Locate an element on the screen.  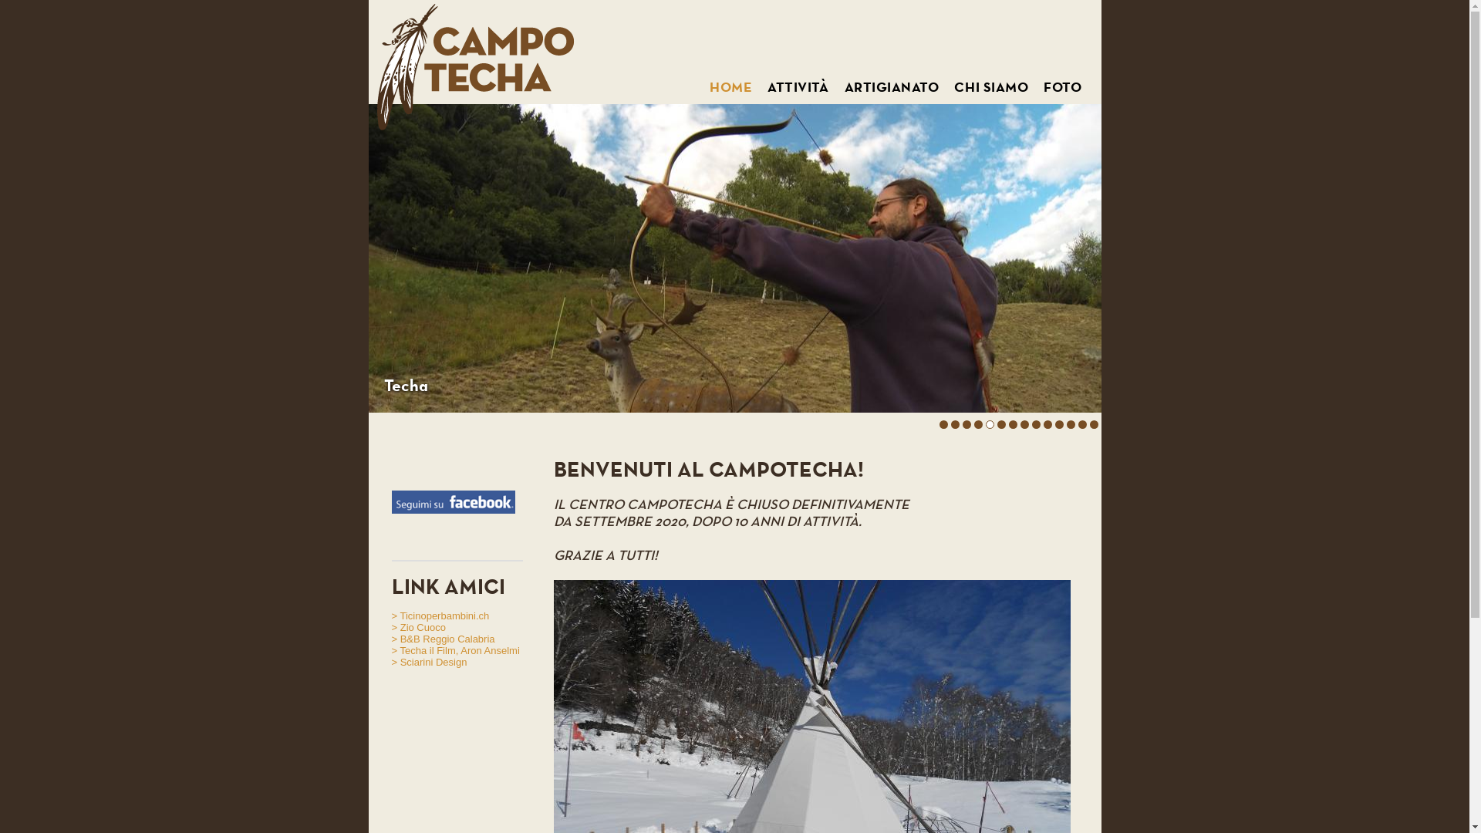
'ARTIGIANATO' is located at coordinates (891, 88).